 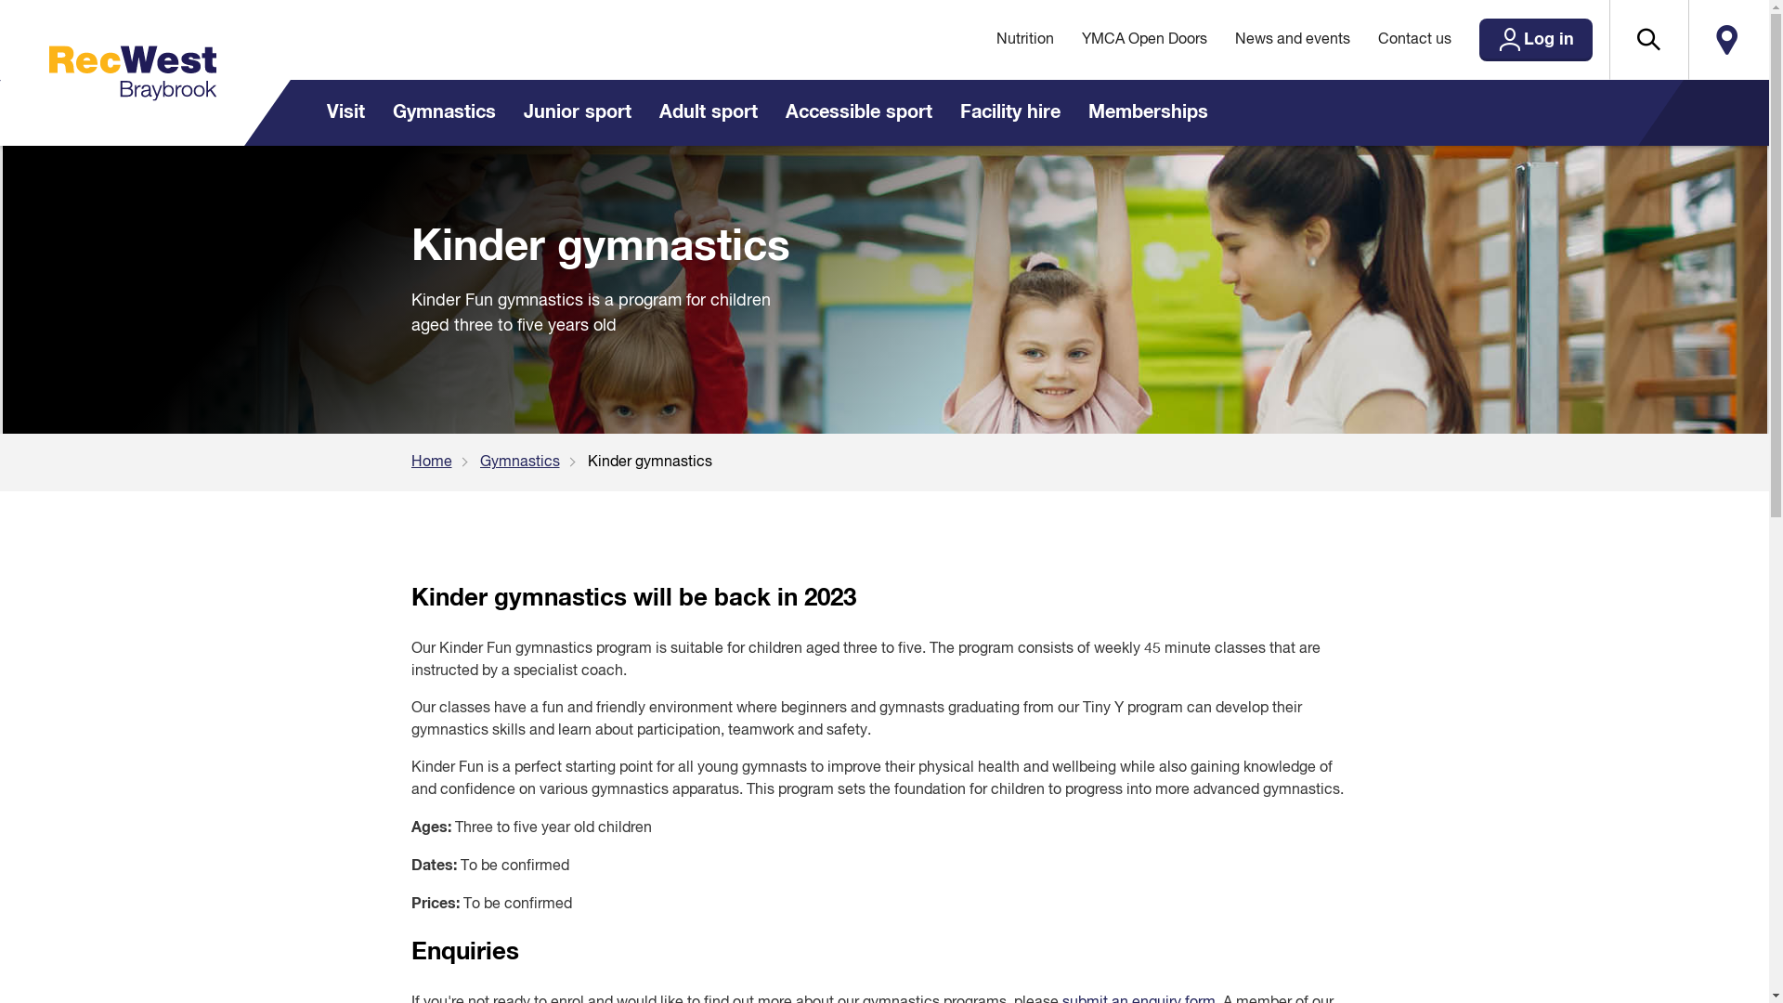 What do you see at coordinates (312, 112) in the screenshot?
I see `'Visit'` at bounding box center [312, 112].